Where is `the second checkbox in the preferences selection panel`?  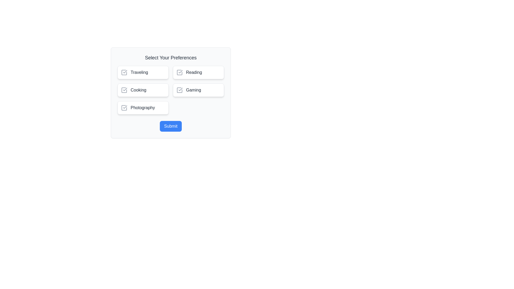 the second checkbox in the preferences selection panel is located at coordinates (124, 90).